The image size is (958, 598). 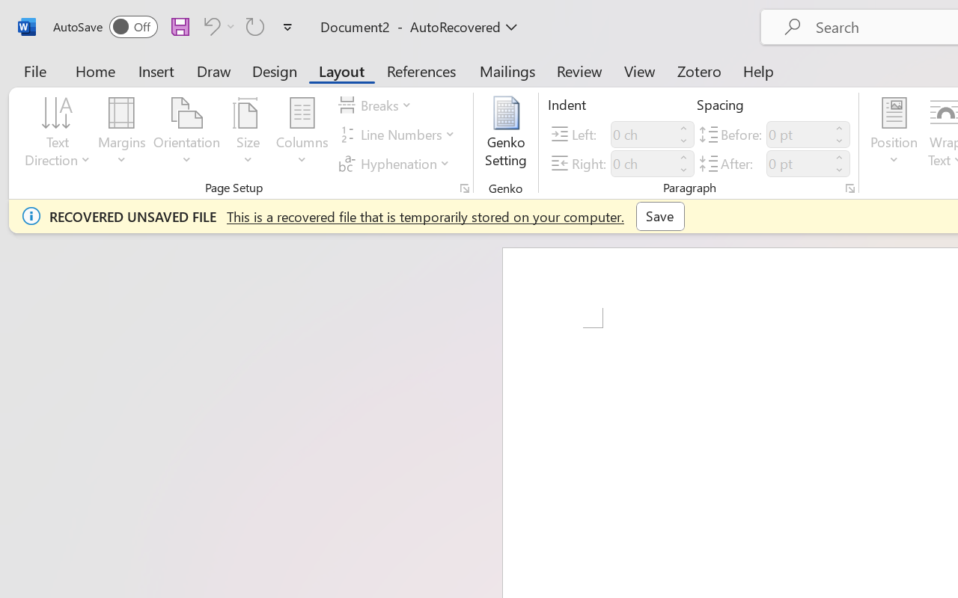 I want to click on 'Help', so click(x=758, y=70).